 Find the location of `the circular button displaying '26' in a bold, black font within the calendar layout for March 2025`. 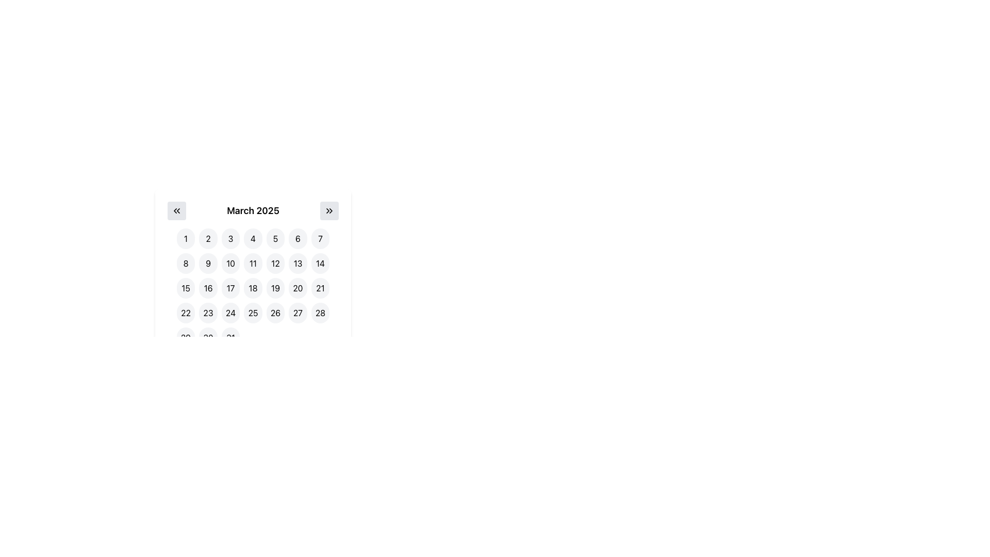

the circular button displaying '26' in a bold, black font within the calendar layout for March 2025 is located at coordinates (275, 312).